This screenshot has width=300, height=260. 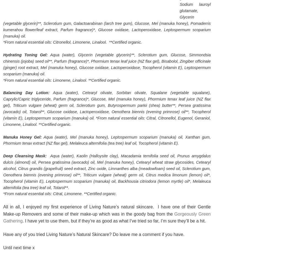 What do you see at coordinates (107, 171) in the screenshot?
I see `'Aqua (water), Kaolin (Halloysite clay),
Macadamia ternifolia seed oil, Prunus amygdalus dulcis (almond) oil, Persea
gratissima (avocado) oil, Mel (manuka honey), Cetearyl wheat straw glycosides,
Cetearyl alcohol, Citrus grandis (grapefruit) seed extract, Zinc oxide,
Limnanthes alba (meadowfoam) seed oil, Sclerotium gum, Oenothera biennis
(evening primrose) oil**, Triticum vulgare (wheat) germ oil, Citrus medica
limonum (lemon) oil*, Tocopherol (vitamin E), Leptospermum scoparium (manuka)
oil, Backhousia citriodora (lemon myrtle) oil*, Melaleuca alternifolia (tea
tree) leaf oil, Totarol**.'` at bounding box center [107, 171].